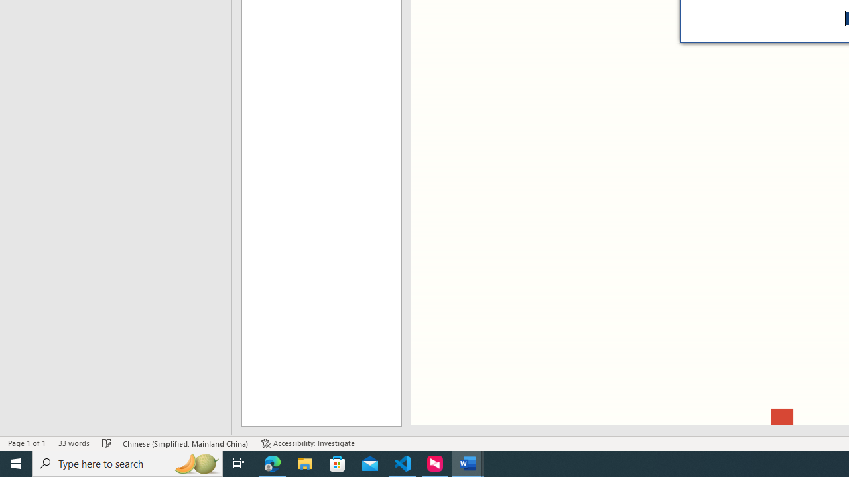 The height and width of the screenshot is (477, 849). I want to click on 'Type here to search', so click(127, 462).